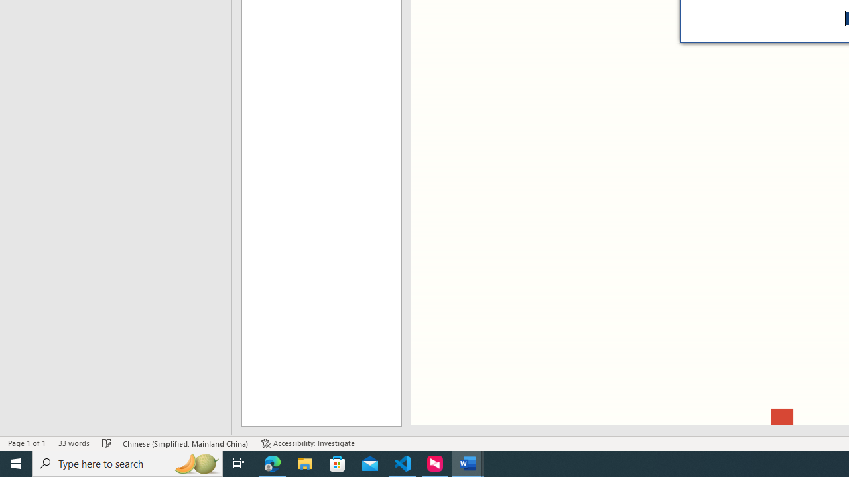 The height and width of the screenshot is (477, 849). I want to click on 'Type here to search', so click(127, 462).